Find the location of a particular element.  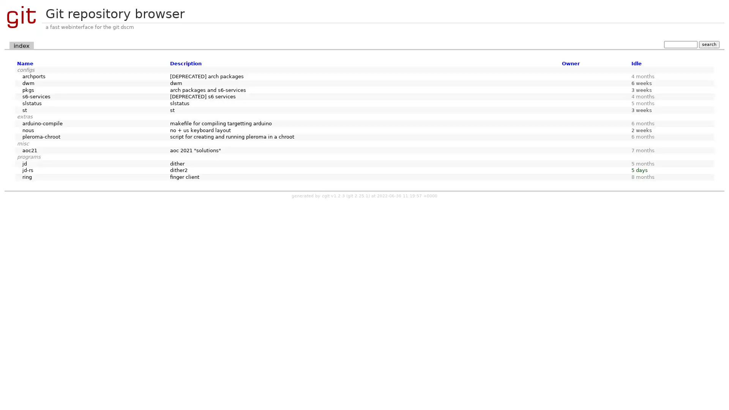

search is located at coordinates (708, 44).